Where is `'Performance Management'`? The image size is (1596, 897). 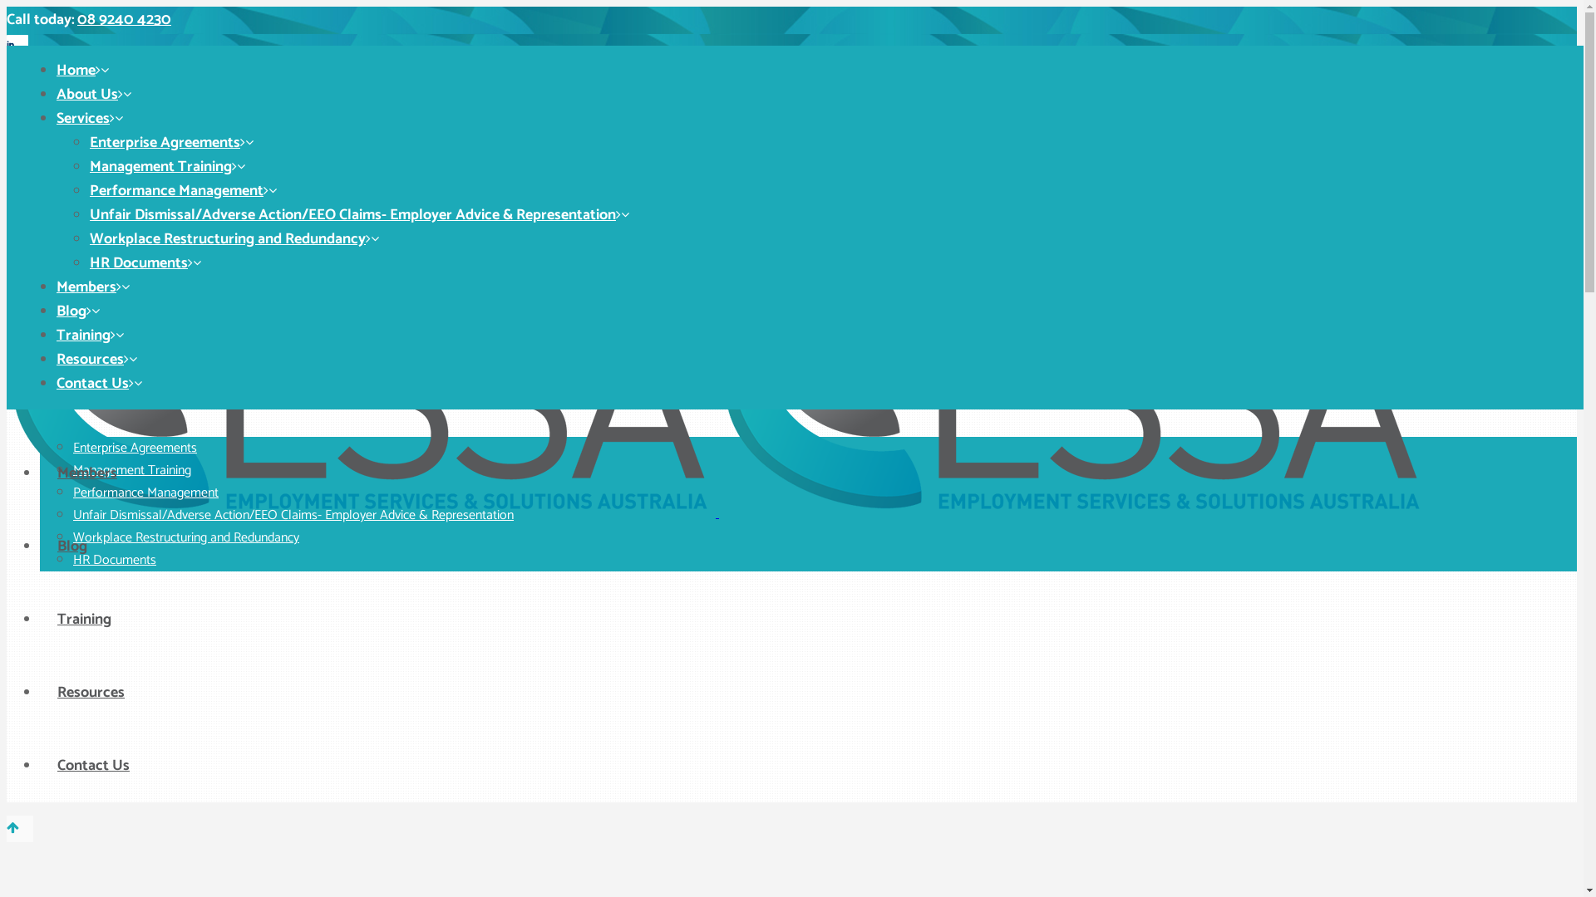 'Performance Management' is located at coordinates (145, 492).